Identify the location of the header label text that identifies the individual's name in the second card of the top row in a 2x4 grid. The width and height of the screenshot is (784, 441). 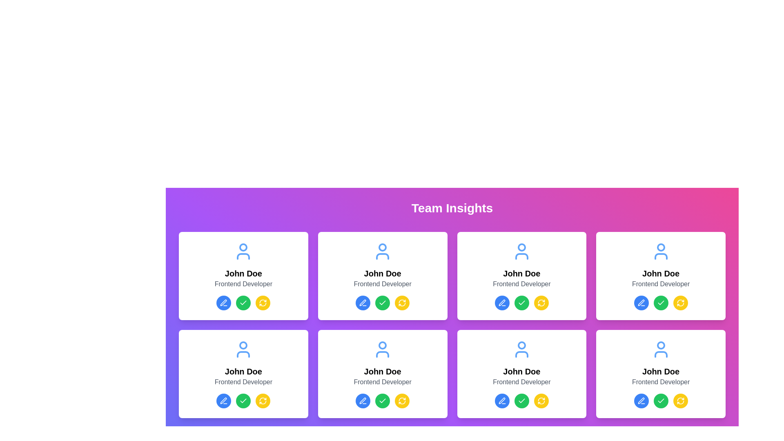
(382, 274).